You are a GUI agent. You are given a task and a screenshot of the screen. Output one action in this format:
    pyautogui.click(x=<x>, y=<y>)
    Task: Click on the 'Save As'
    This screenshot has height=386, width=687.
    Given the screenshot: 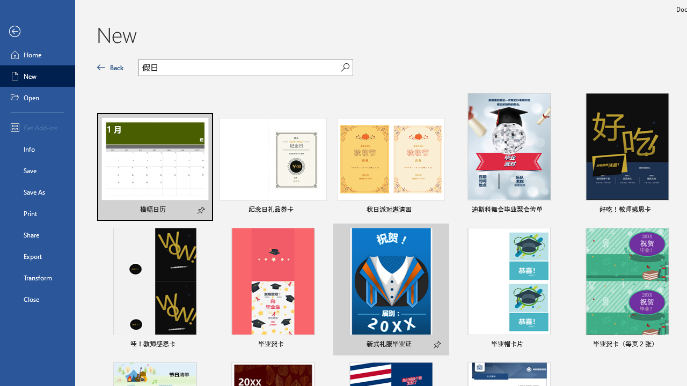 What is the action you would take?
    pyautogui.click(x=37, y=191)
    